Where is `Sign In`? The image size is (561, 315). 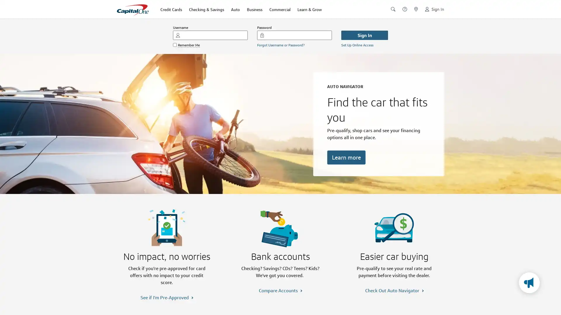 Sign In is located at coordinates (364, 35).